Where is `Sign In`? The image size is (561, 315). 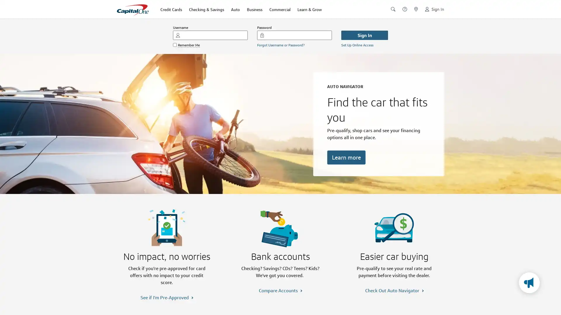 Sign In is located at coordinates (364, 35).